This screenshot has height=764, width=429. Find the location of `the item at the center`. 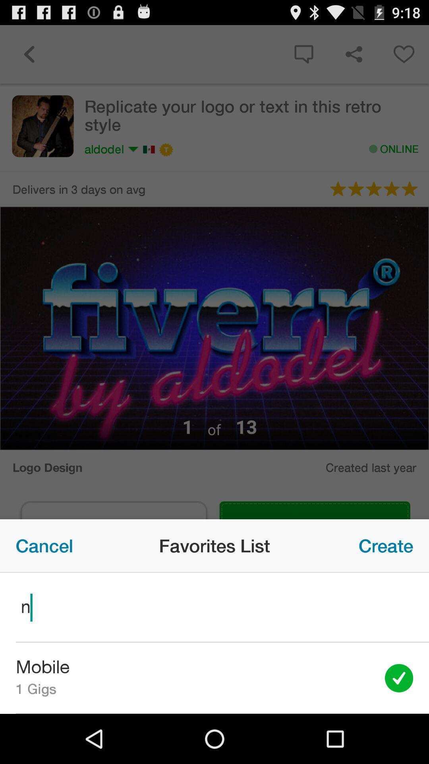

the item at the center is located at coordinates (214, 369).